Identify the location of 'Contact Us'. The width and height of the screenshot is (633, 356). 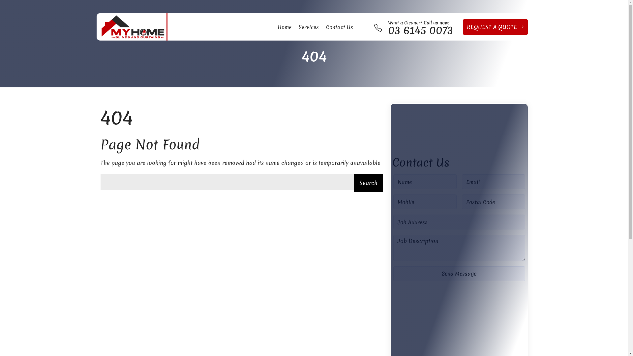
(323, 26).